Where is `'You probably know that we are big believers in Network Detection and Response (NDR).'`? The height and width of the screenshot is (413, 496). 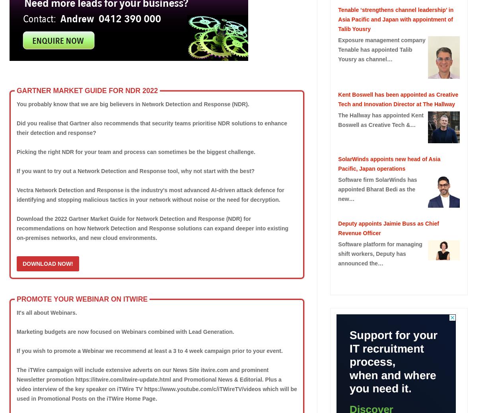
'You probably know that we are big believers in Network Detection and Response (NDR).' is located at coordinates (132, 103).